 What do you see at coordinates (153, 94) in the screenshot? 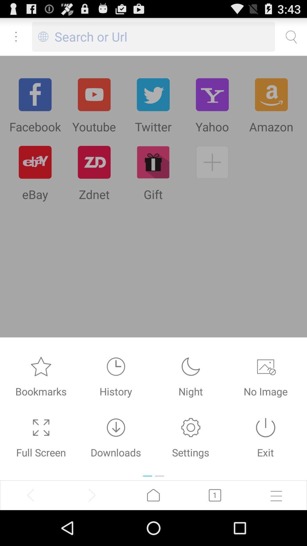
I see `the twitter website image option` at bounding box center [153, 94].